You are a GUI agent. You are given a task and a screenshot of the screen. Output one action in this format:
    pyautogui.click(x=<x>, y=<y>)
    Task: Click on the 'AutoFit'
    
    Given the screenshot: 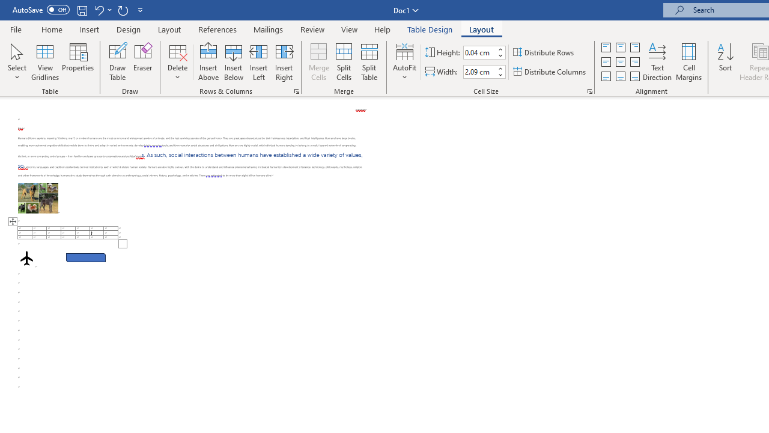 What is the action you would take?
    pyautogui.click(x=404, y=62)
    